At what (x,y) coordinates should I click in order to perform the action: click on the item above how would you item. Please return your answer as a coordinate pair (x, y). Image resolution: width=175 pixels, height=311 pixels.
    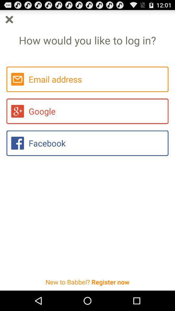
    Looking at the image, I should click on (9, 19).